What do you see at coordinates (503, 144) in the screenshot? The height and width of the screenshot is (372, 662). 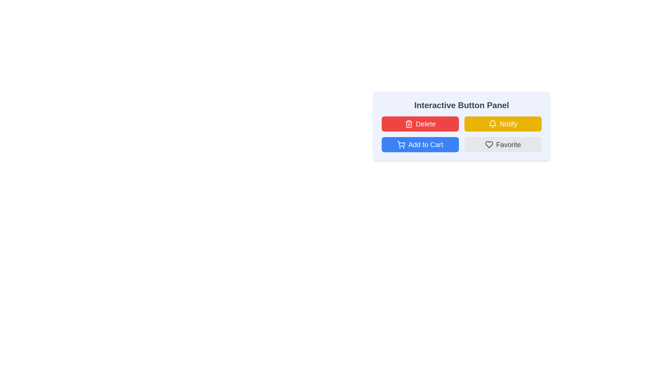 I see `the 'Favorite' button, which has a light gray background and medium gray text, located on the bottom-right corner of the interactive button panel` at bounding box center [503, 144].